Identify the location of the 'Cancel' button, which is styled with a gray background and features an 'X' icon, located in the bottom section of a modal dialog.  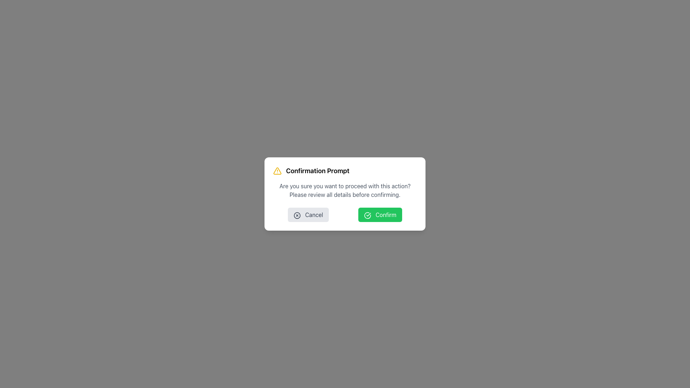
(308, 214).